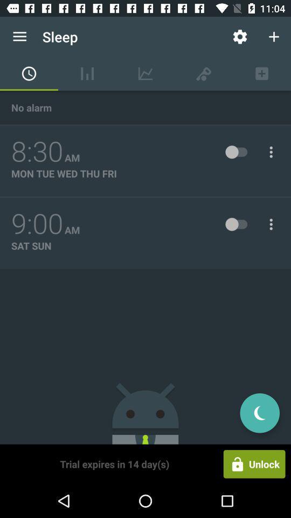 The image size is (291, 518). What do you see at coordinates (37, 223) in the screenshot?
I see `the icon above sat sun` at bounding box center [37, 223].